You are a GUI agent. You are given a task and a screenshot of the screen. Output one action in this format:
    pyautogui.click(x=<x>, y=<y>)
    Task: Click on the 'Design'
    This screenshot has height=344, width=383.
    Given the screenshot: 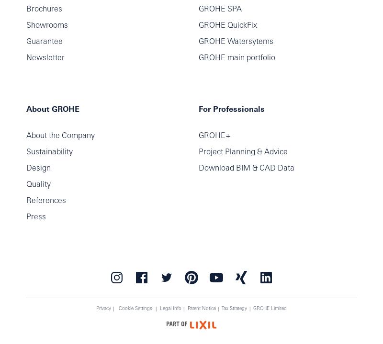 What is the action you would take?
    pyautogui.click(x=38, y=166)
    